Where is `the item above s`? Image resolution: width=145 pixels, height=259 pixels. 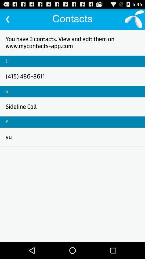 the item above s is located at coordinates (25, 76).